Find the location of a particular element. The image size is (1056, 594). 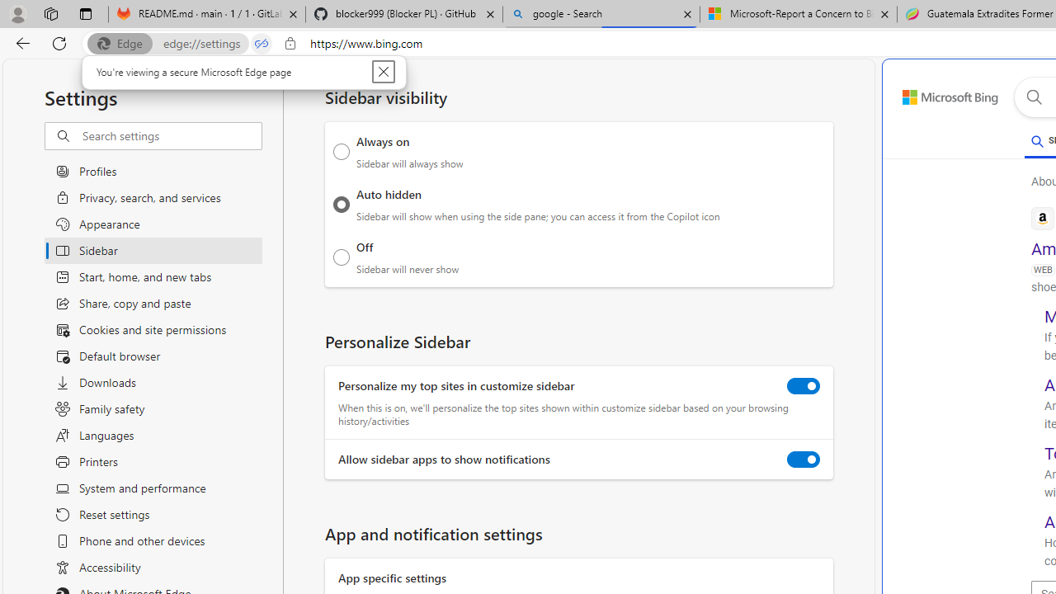

'Off Sidebar will never show' is located at coordinates (341, 257).